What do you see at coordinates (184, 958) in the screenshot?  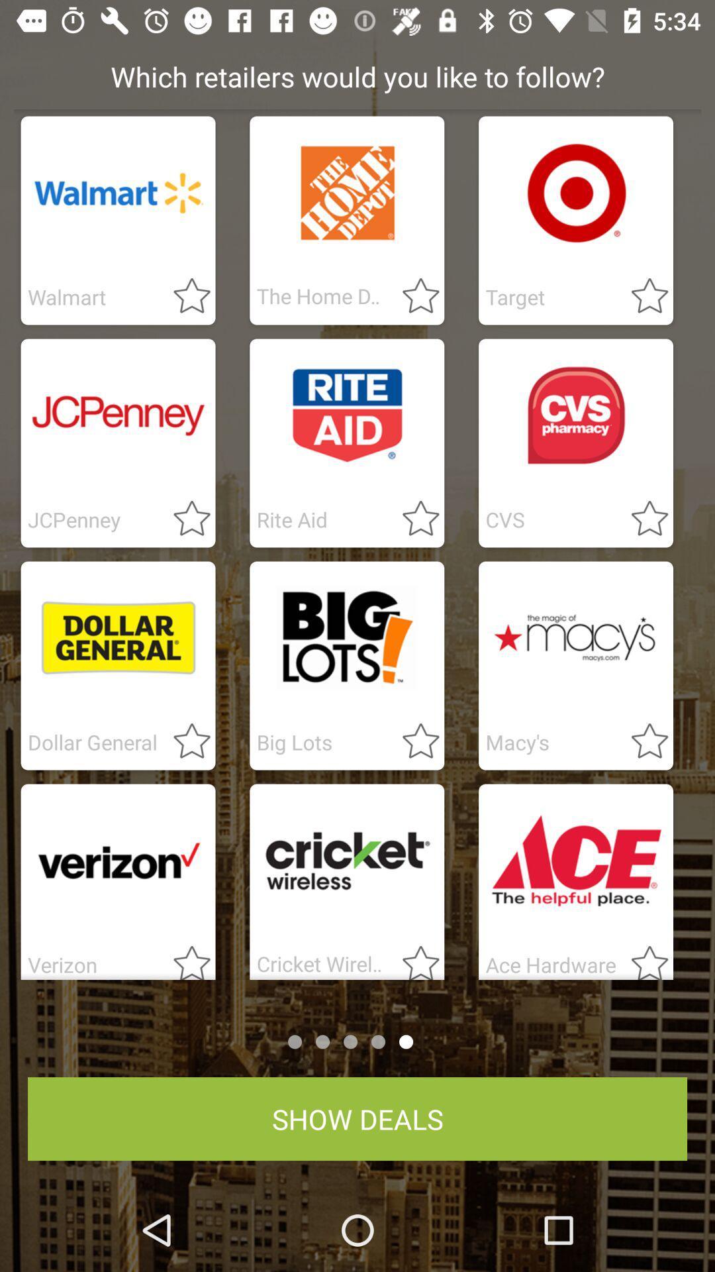 I see `favrite verizon` at bounding box center [184, 958].